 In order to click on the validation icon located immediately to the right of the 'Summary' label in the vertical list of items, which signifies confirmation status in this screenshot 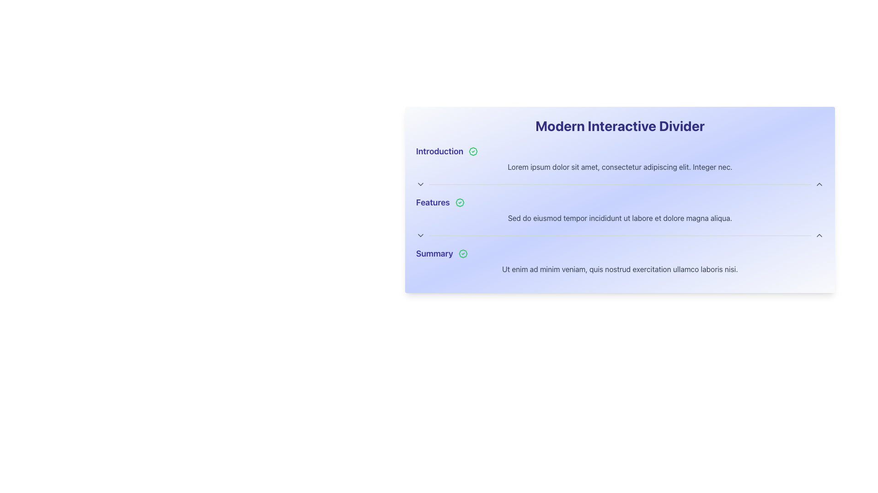, I will do `click(463, 253)`.